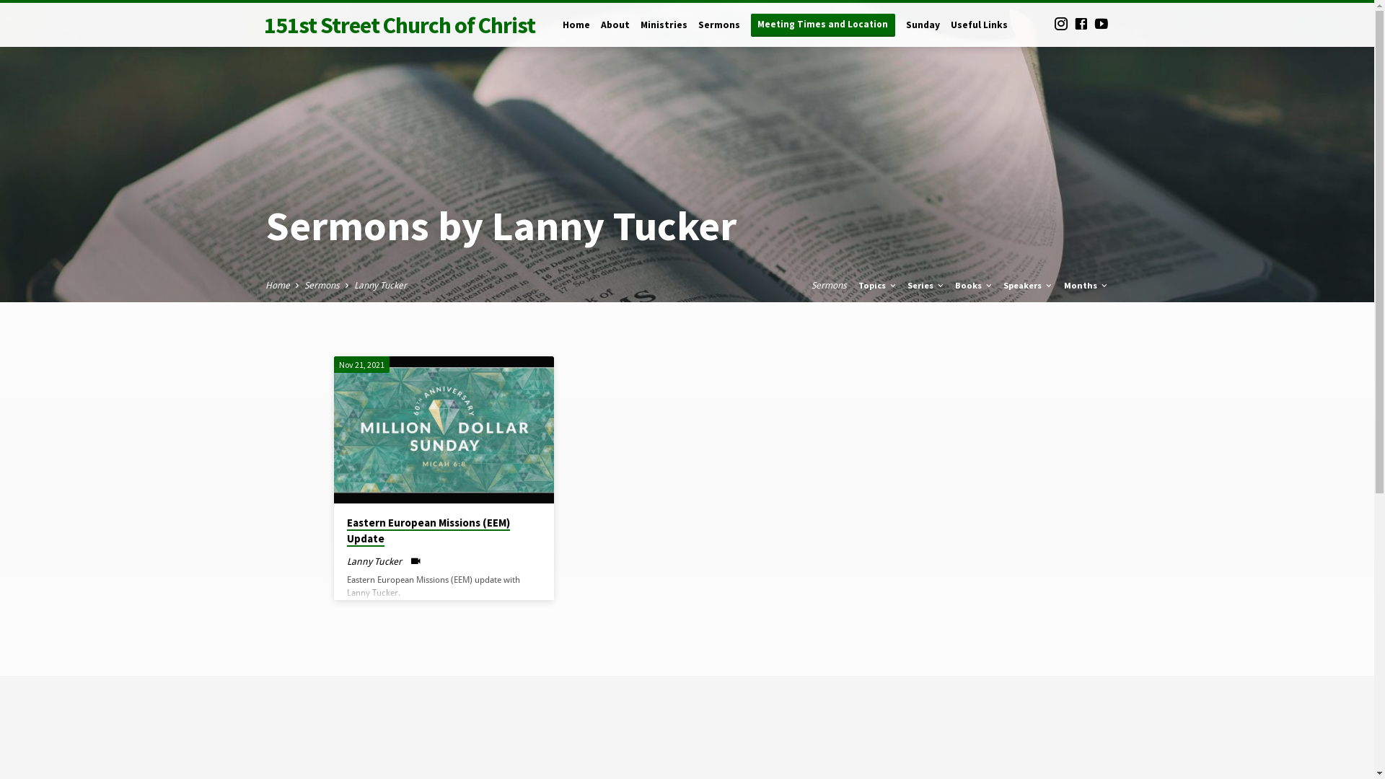 The width and height of the screenshot is (1385, 779). I want to click on 'Sermons', so click(719, 33).